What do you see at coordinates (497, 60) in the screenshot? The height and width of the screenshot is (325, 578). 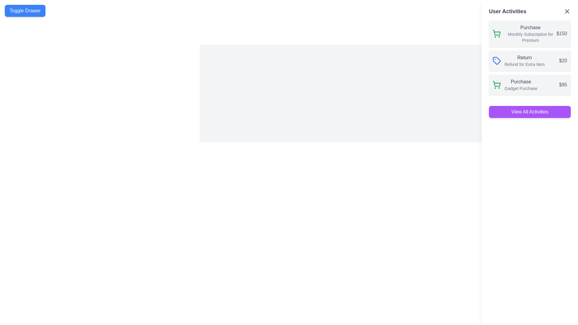 I see `the decorative 'Return' icon located in the 'Return' activity card of the 'User Activities' section` at bounding box center [497, 60].